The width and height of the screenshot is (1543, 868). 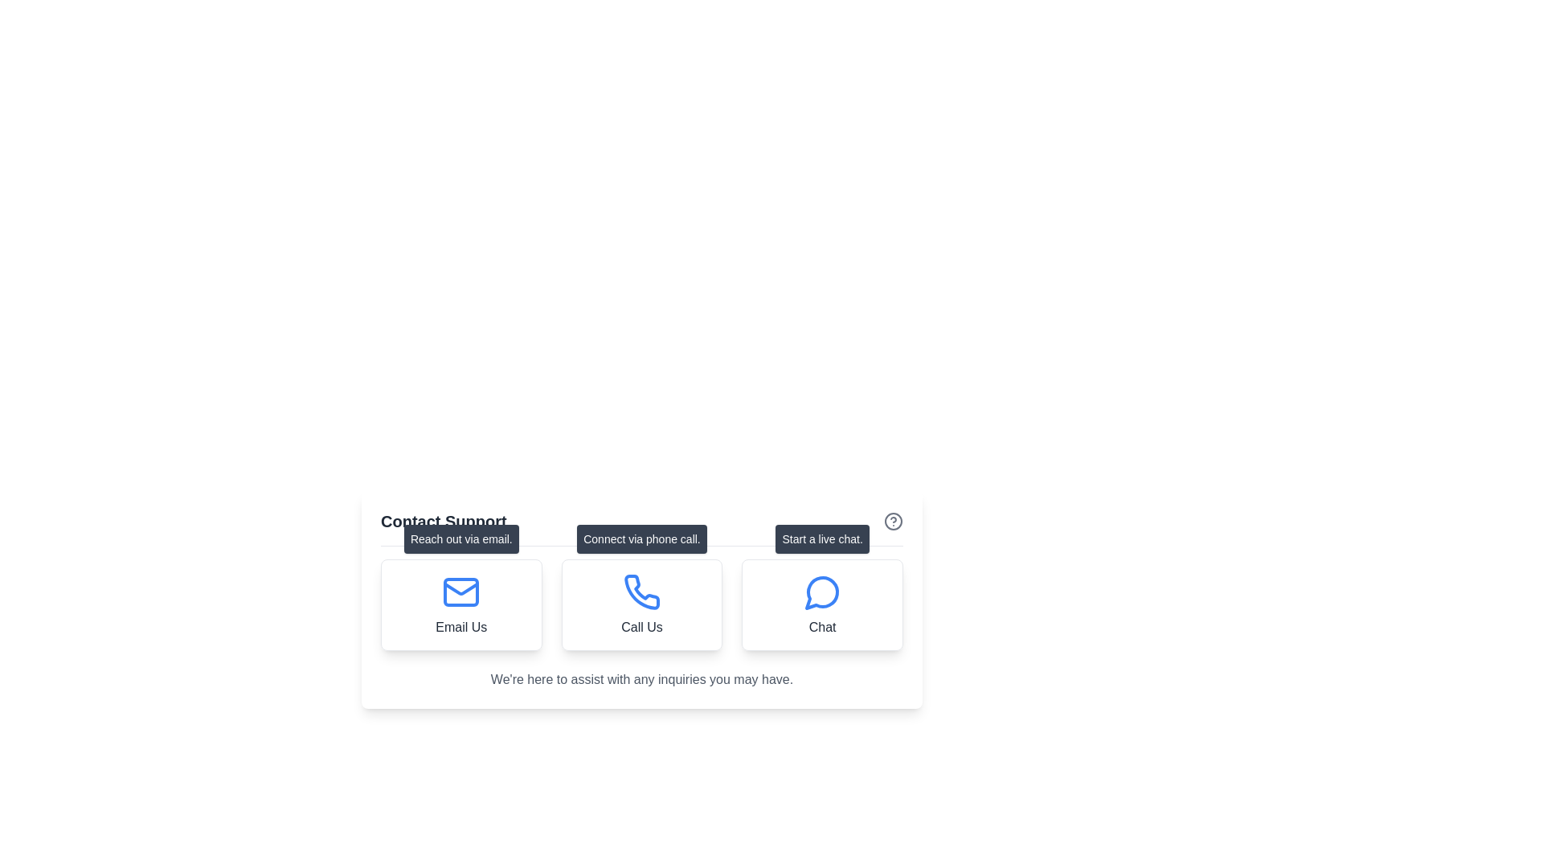 I want to click on the SVG rectangle with rounded corners that represents the envelope's flap within the 'Email Us' button, styled with a blue outline, so click(x=460, y=592).